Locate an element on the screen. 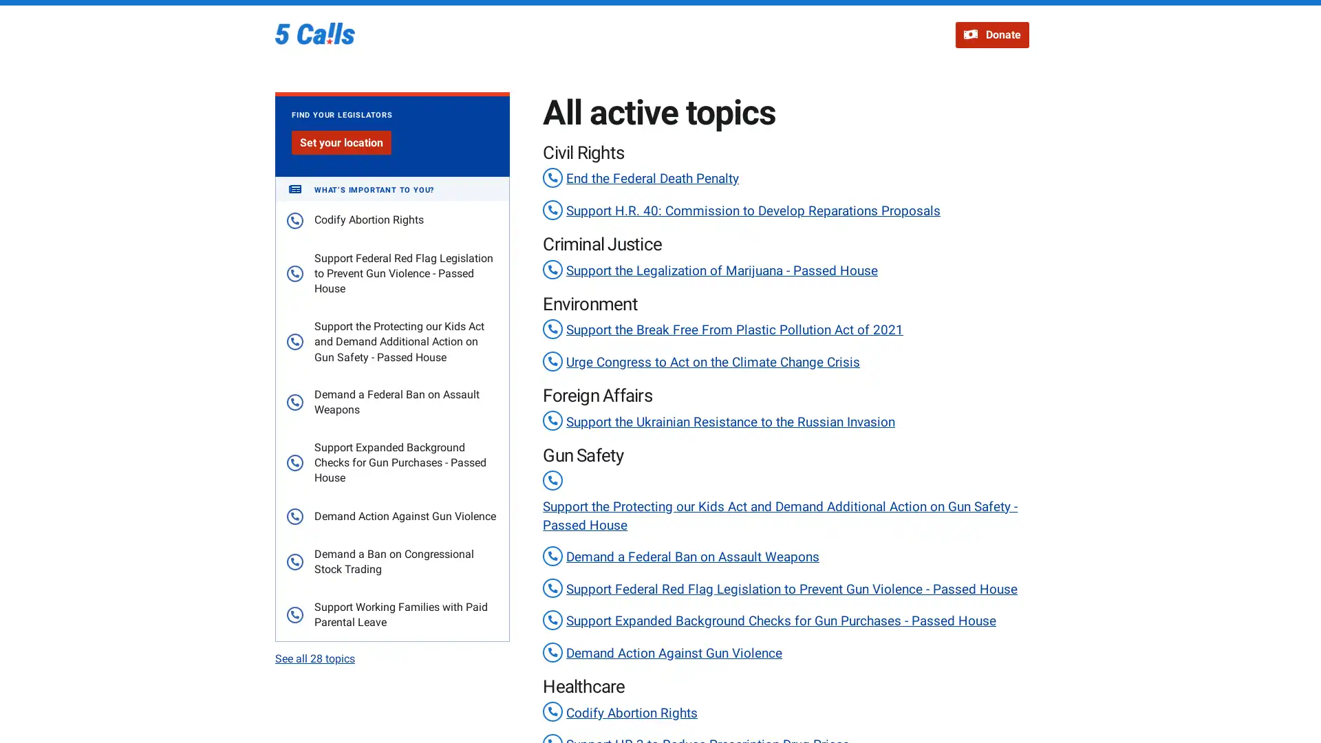  Set your location is located at coordinates (341, 142).